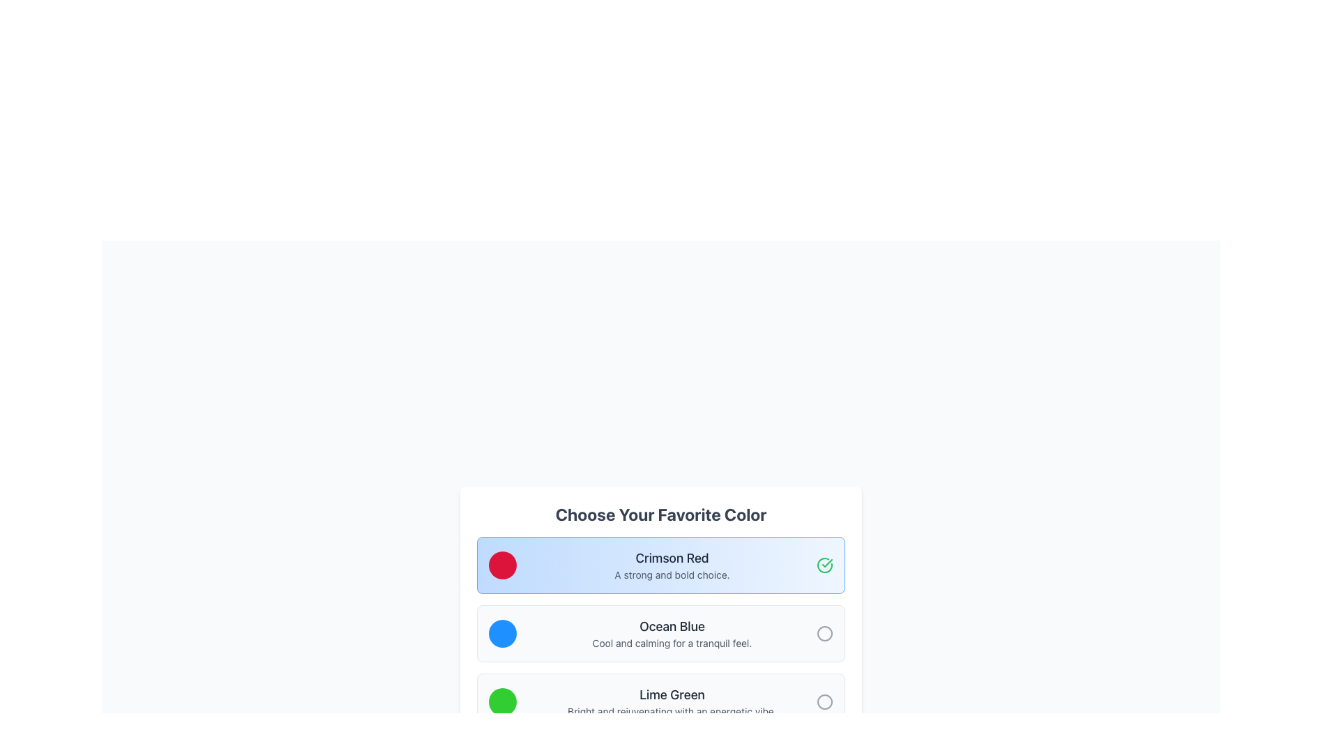 The image size is (1339, 753). Describe the element at coordinates (672, 694) in the screenshot. I see `the text label displaying 'Lime Green', which is styled in a medium bold dark gray font and is positioned below the 'Ocean Blue' section` at that location.